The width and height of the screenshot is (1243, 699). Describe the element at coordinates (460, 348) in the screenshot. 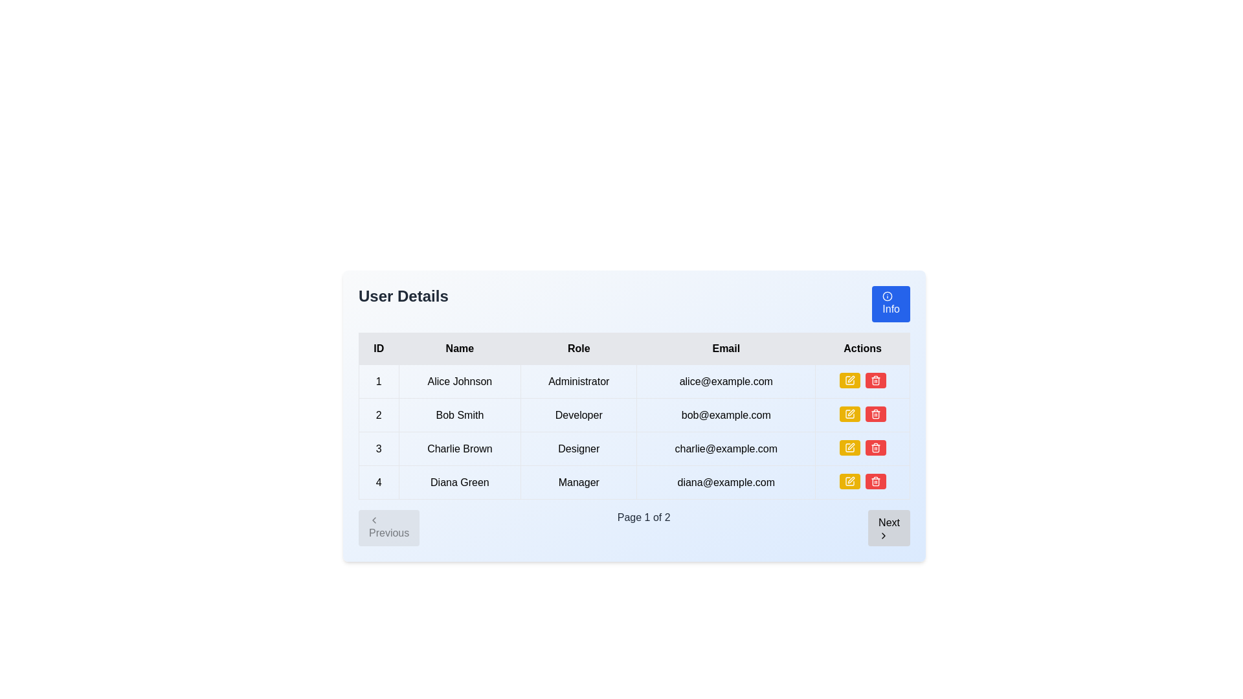

I see `'Name' column header in the table, which is the second column header indicating the names of individuals or entities` at that location.